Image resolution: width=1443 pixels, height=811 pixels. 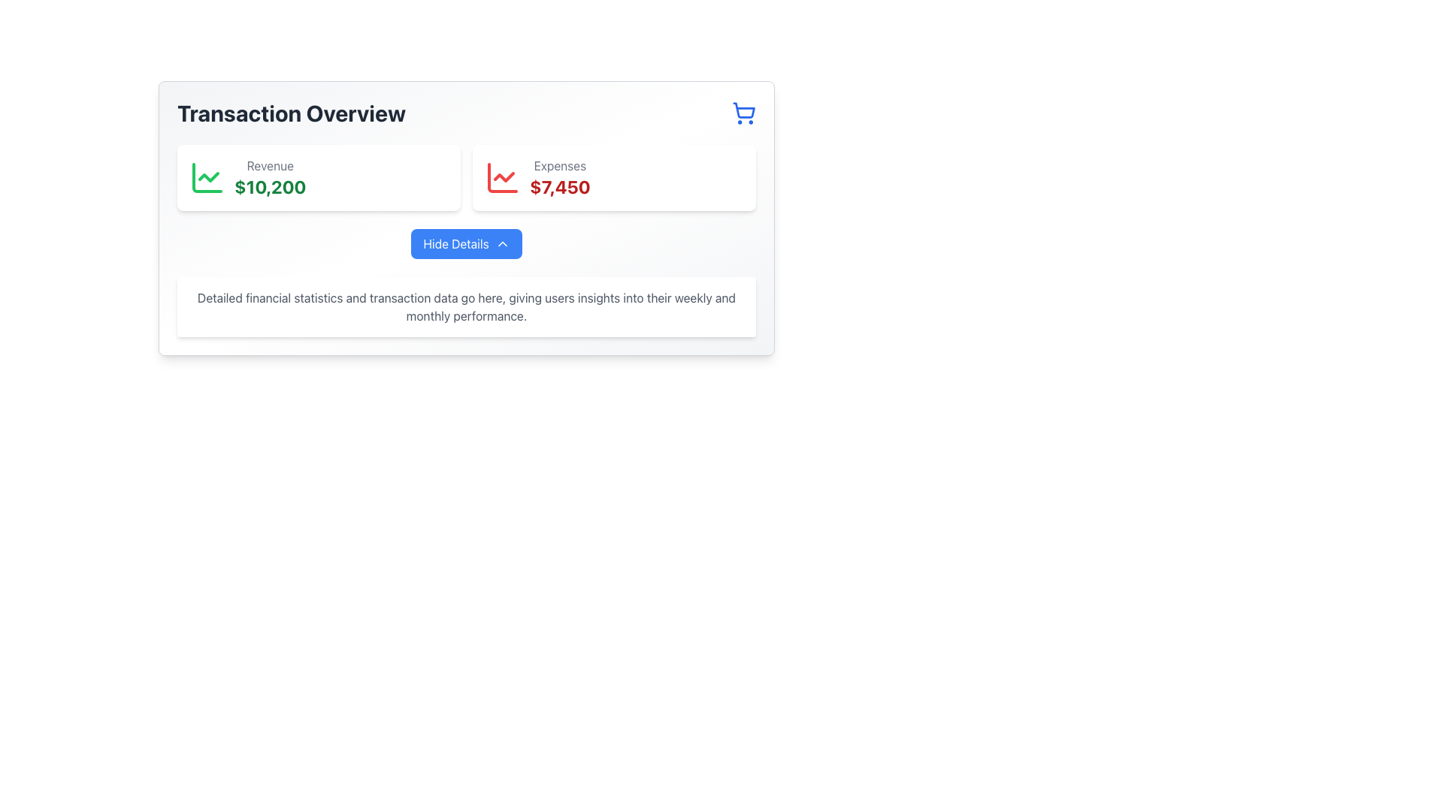 What do you see at coordinates (270, 186) in the screenshot?
I see `numerical value '$10,200' displayed in bold green text within the 'Revenue' card of the 'Transaction Overview' section` at bounding box center [270, 186].